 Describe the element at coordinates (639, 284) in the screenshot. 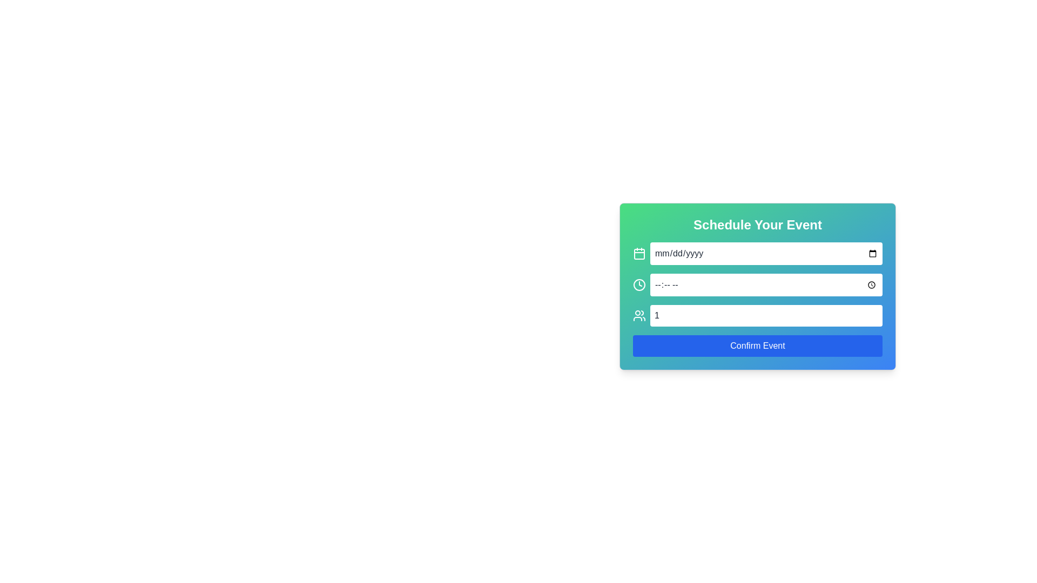

I see `the clock icon, which is a circular icon with hands, located to the left of the time selection input field` at that location.